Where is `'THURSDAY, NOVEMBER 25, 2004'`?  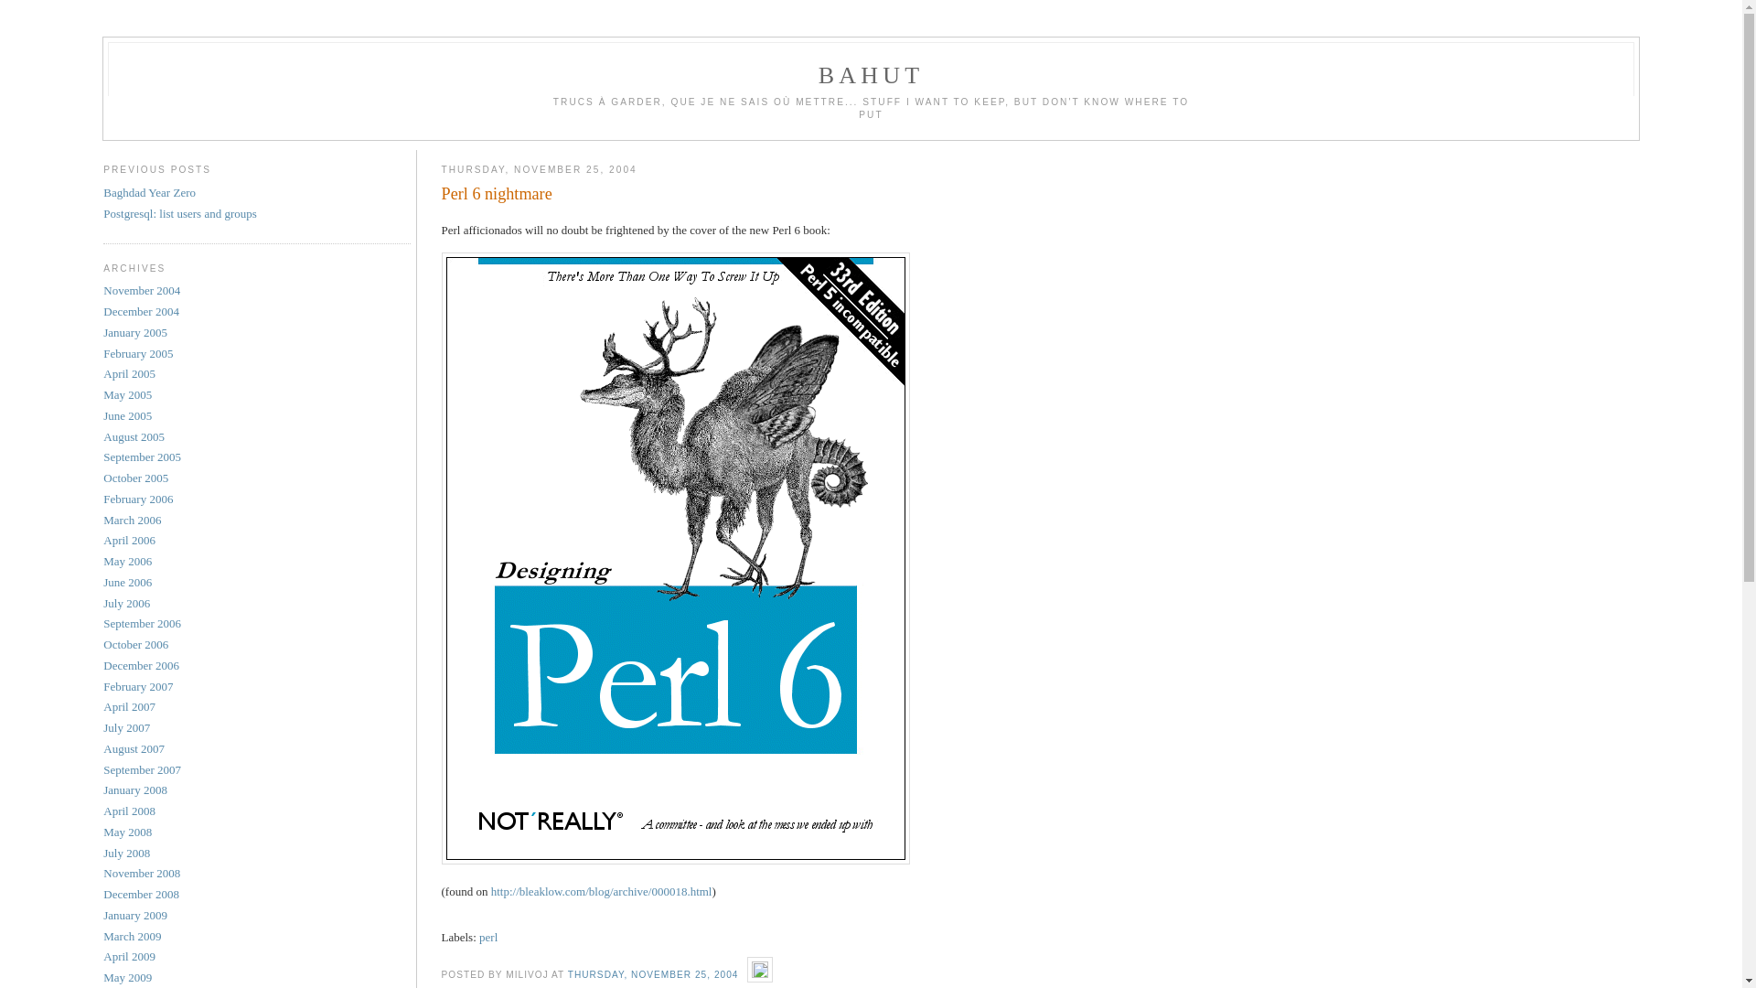
'THURSDAY, NOVEMBER 25, 2004' is located at coordinates (566, 973).